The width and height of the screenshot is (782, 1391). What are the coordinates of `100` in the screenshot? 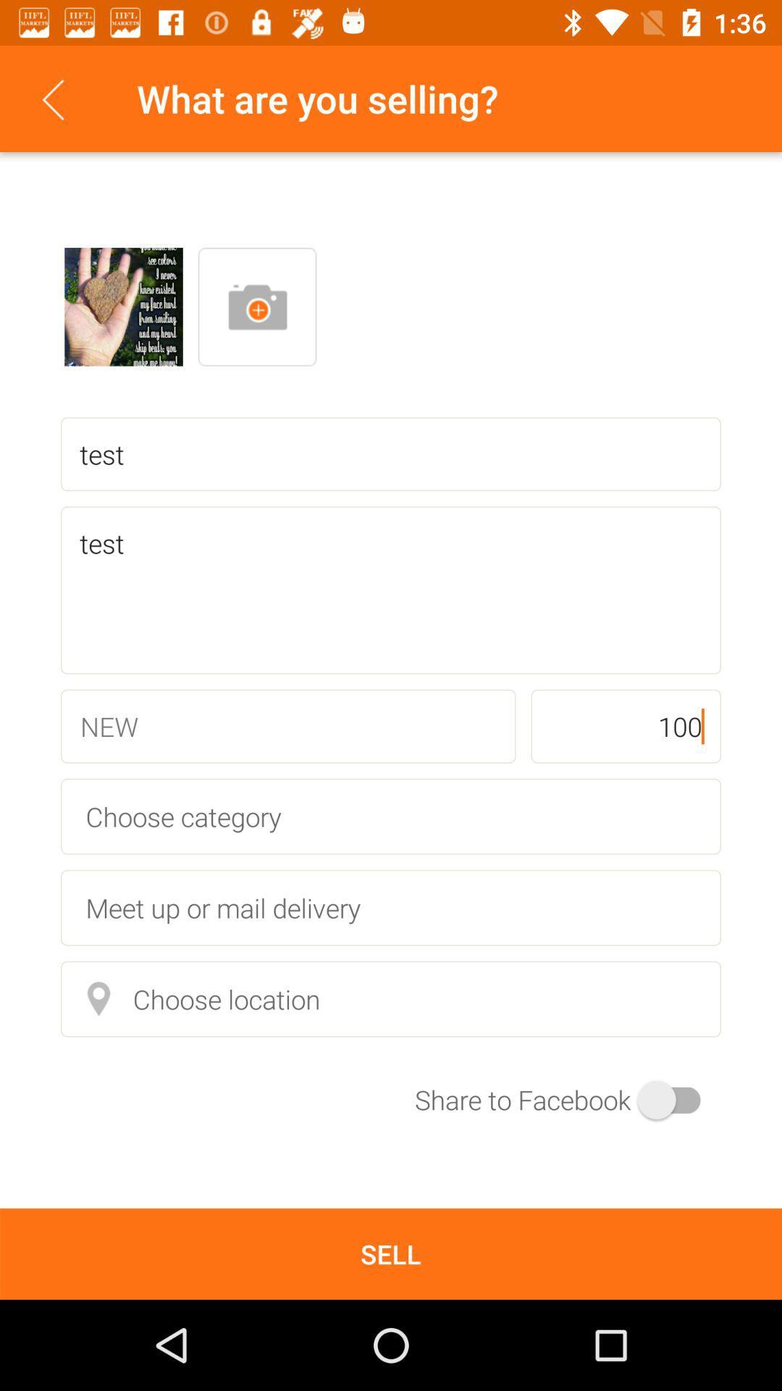 It's located at (625, 726).